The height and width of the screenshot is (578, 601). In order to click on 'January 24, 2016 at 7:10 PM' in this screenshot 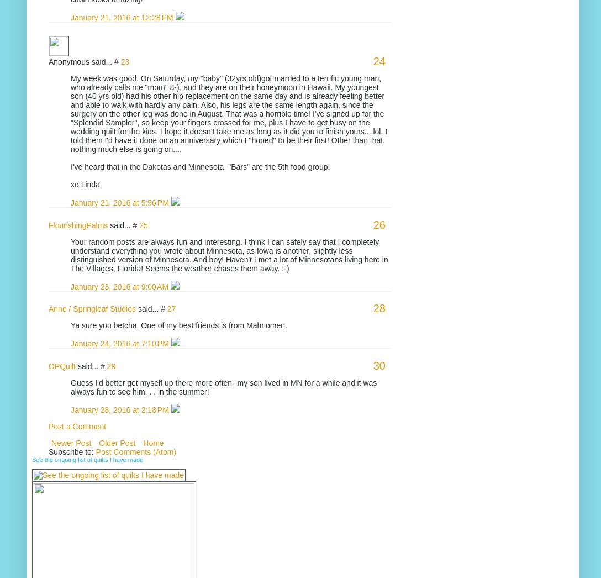, I will do `click(120, 343)`.